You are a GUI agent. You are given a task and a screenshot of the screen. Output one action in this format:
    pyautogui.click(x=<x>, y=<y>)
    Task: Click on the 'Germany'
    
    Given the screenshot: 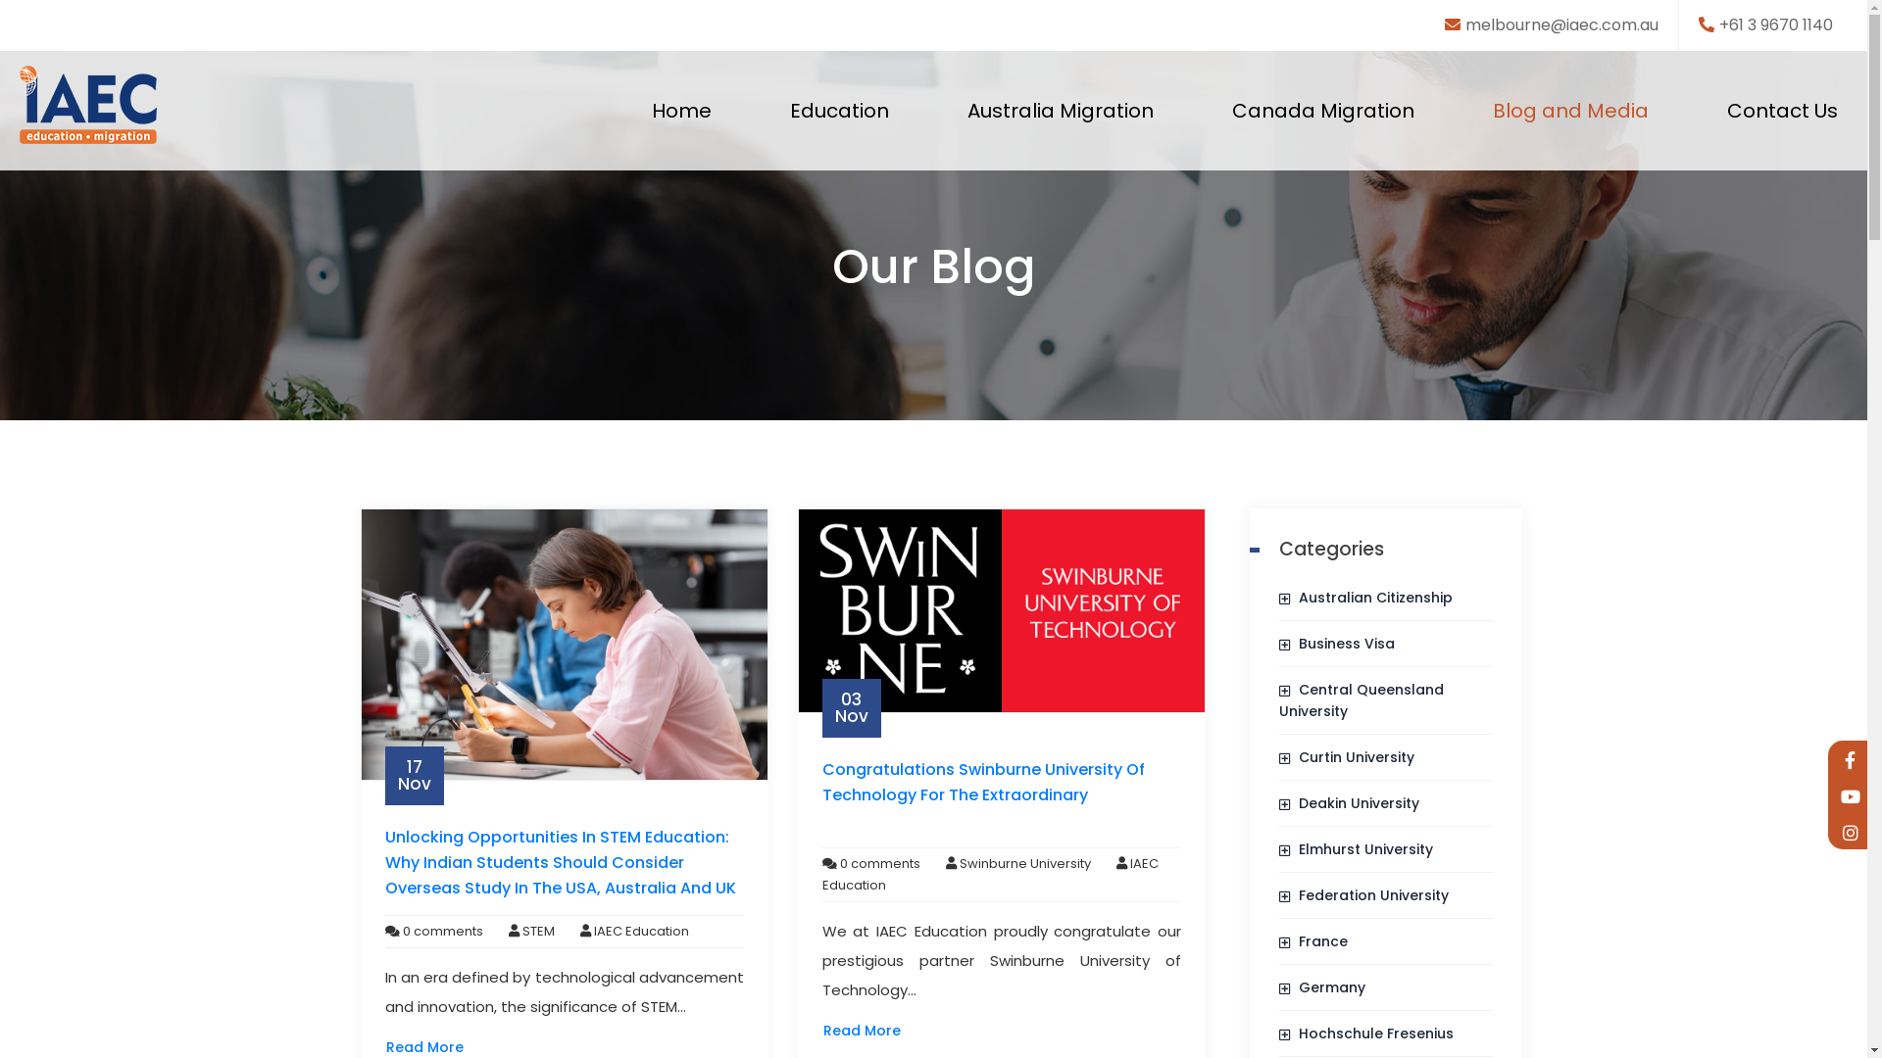 What is the action you would take?
    pyautogui.click(x=1321, y=986)
    